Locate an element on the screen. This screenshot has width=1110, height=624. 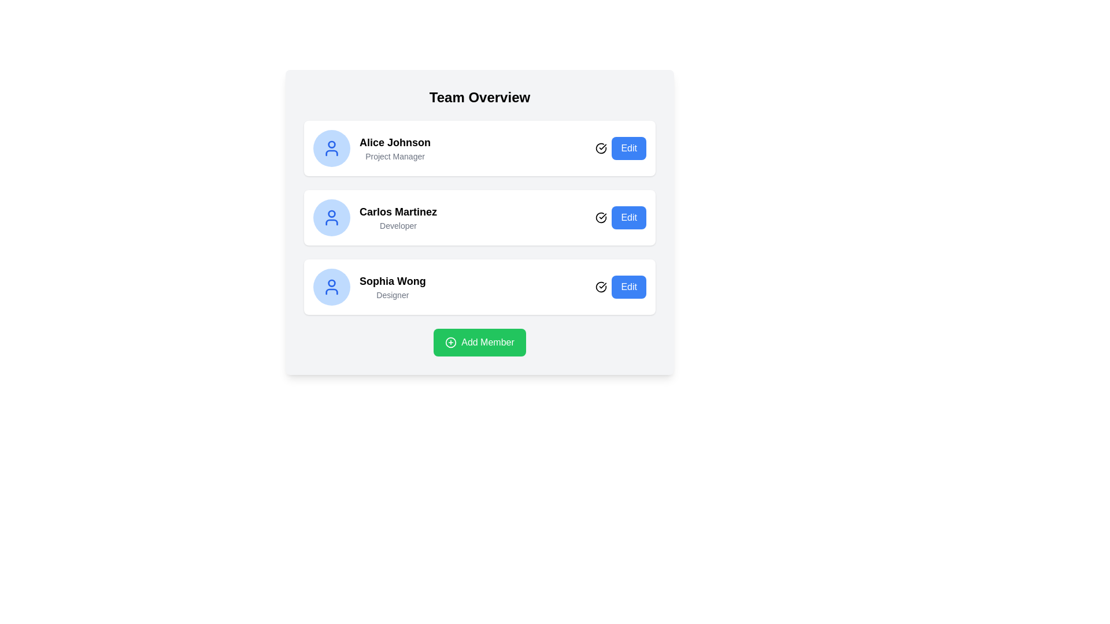
the edit button associated with the 'Sophia Wong' entry, located at the far-right of the row labeled 'Sophia Wong - Designer' is located at coordinates (628, 287).